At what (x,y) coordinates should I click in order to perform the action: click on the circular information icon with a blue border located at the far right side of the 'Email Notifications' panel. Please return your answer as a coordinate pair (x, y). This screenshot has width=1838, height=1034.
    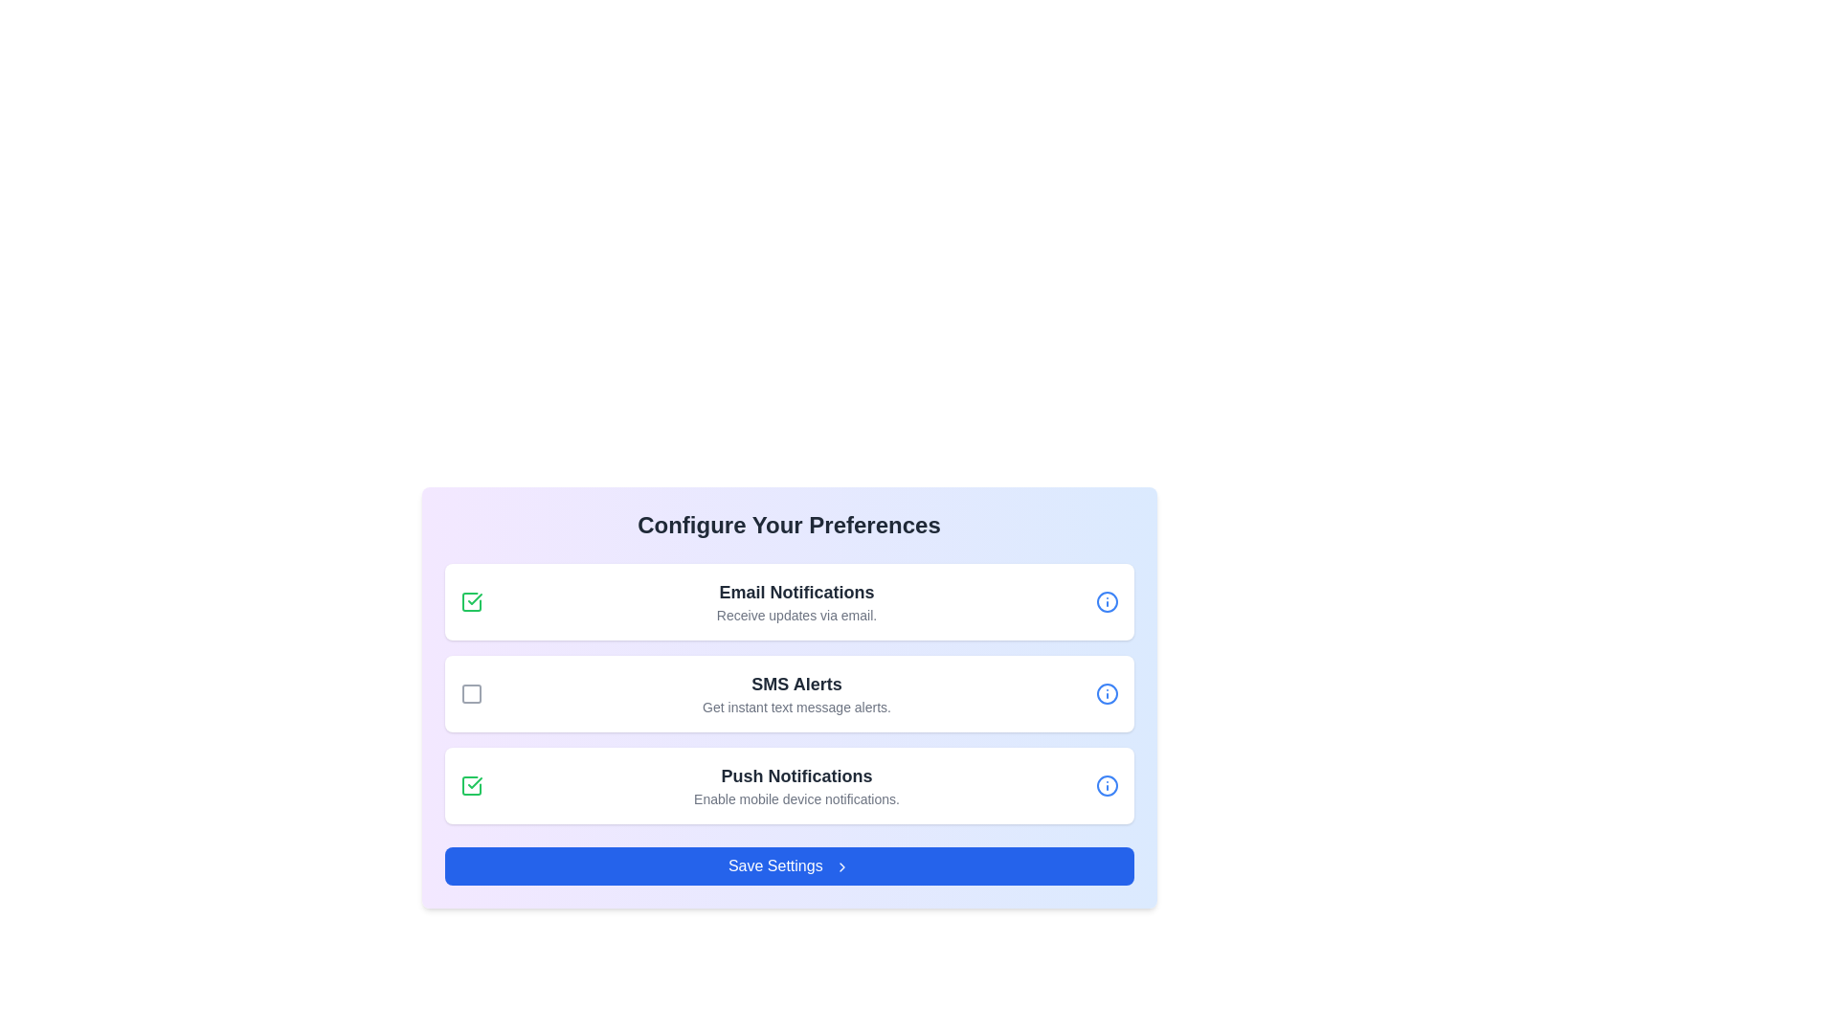
    Looking at the image, I should click on (1107, 600).